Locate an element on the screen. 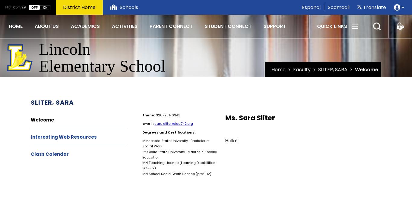 This screenshot has height=203, width=412. 'Phone:' is located at coordinates (148, 115).